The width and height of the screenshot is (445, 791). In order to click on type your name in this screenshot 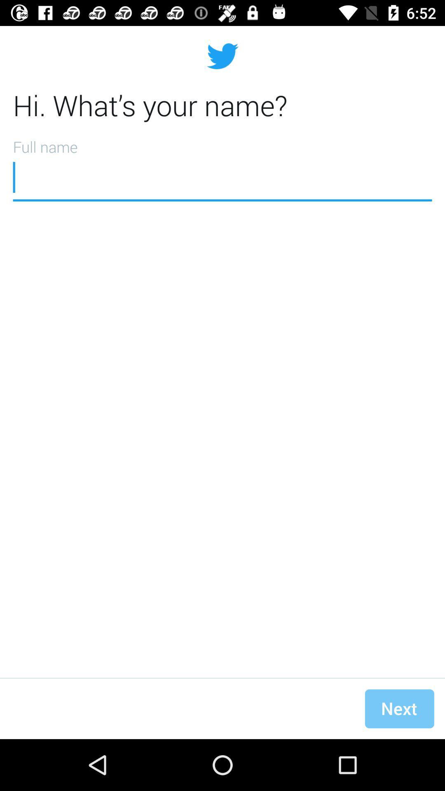, I will do `click(222, 166)`.